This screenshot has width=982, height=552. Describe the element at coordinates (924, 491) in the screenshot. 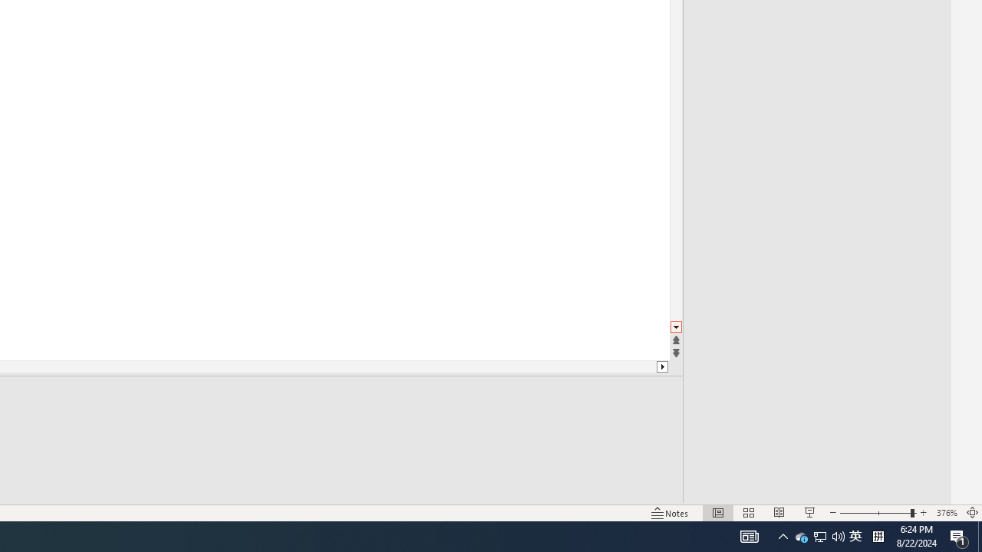

I see `'Increase Text Size'` at that location.